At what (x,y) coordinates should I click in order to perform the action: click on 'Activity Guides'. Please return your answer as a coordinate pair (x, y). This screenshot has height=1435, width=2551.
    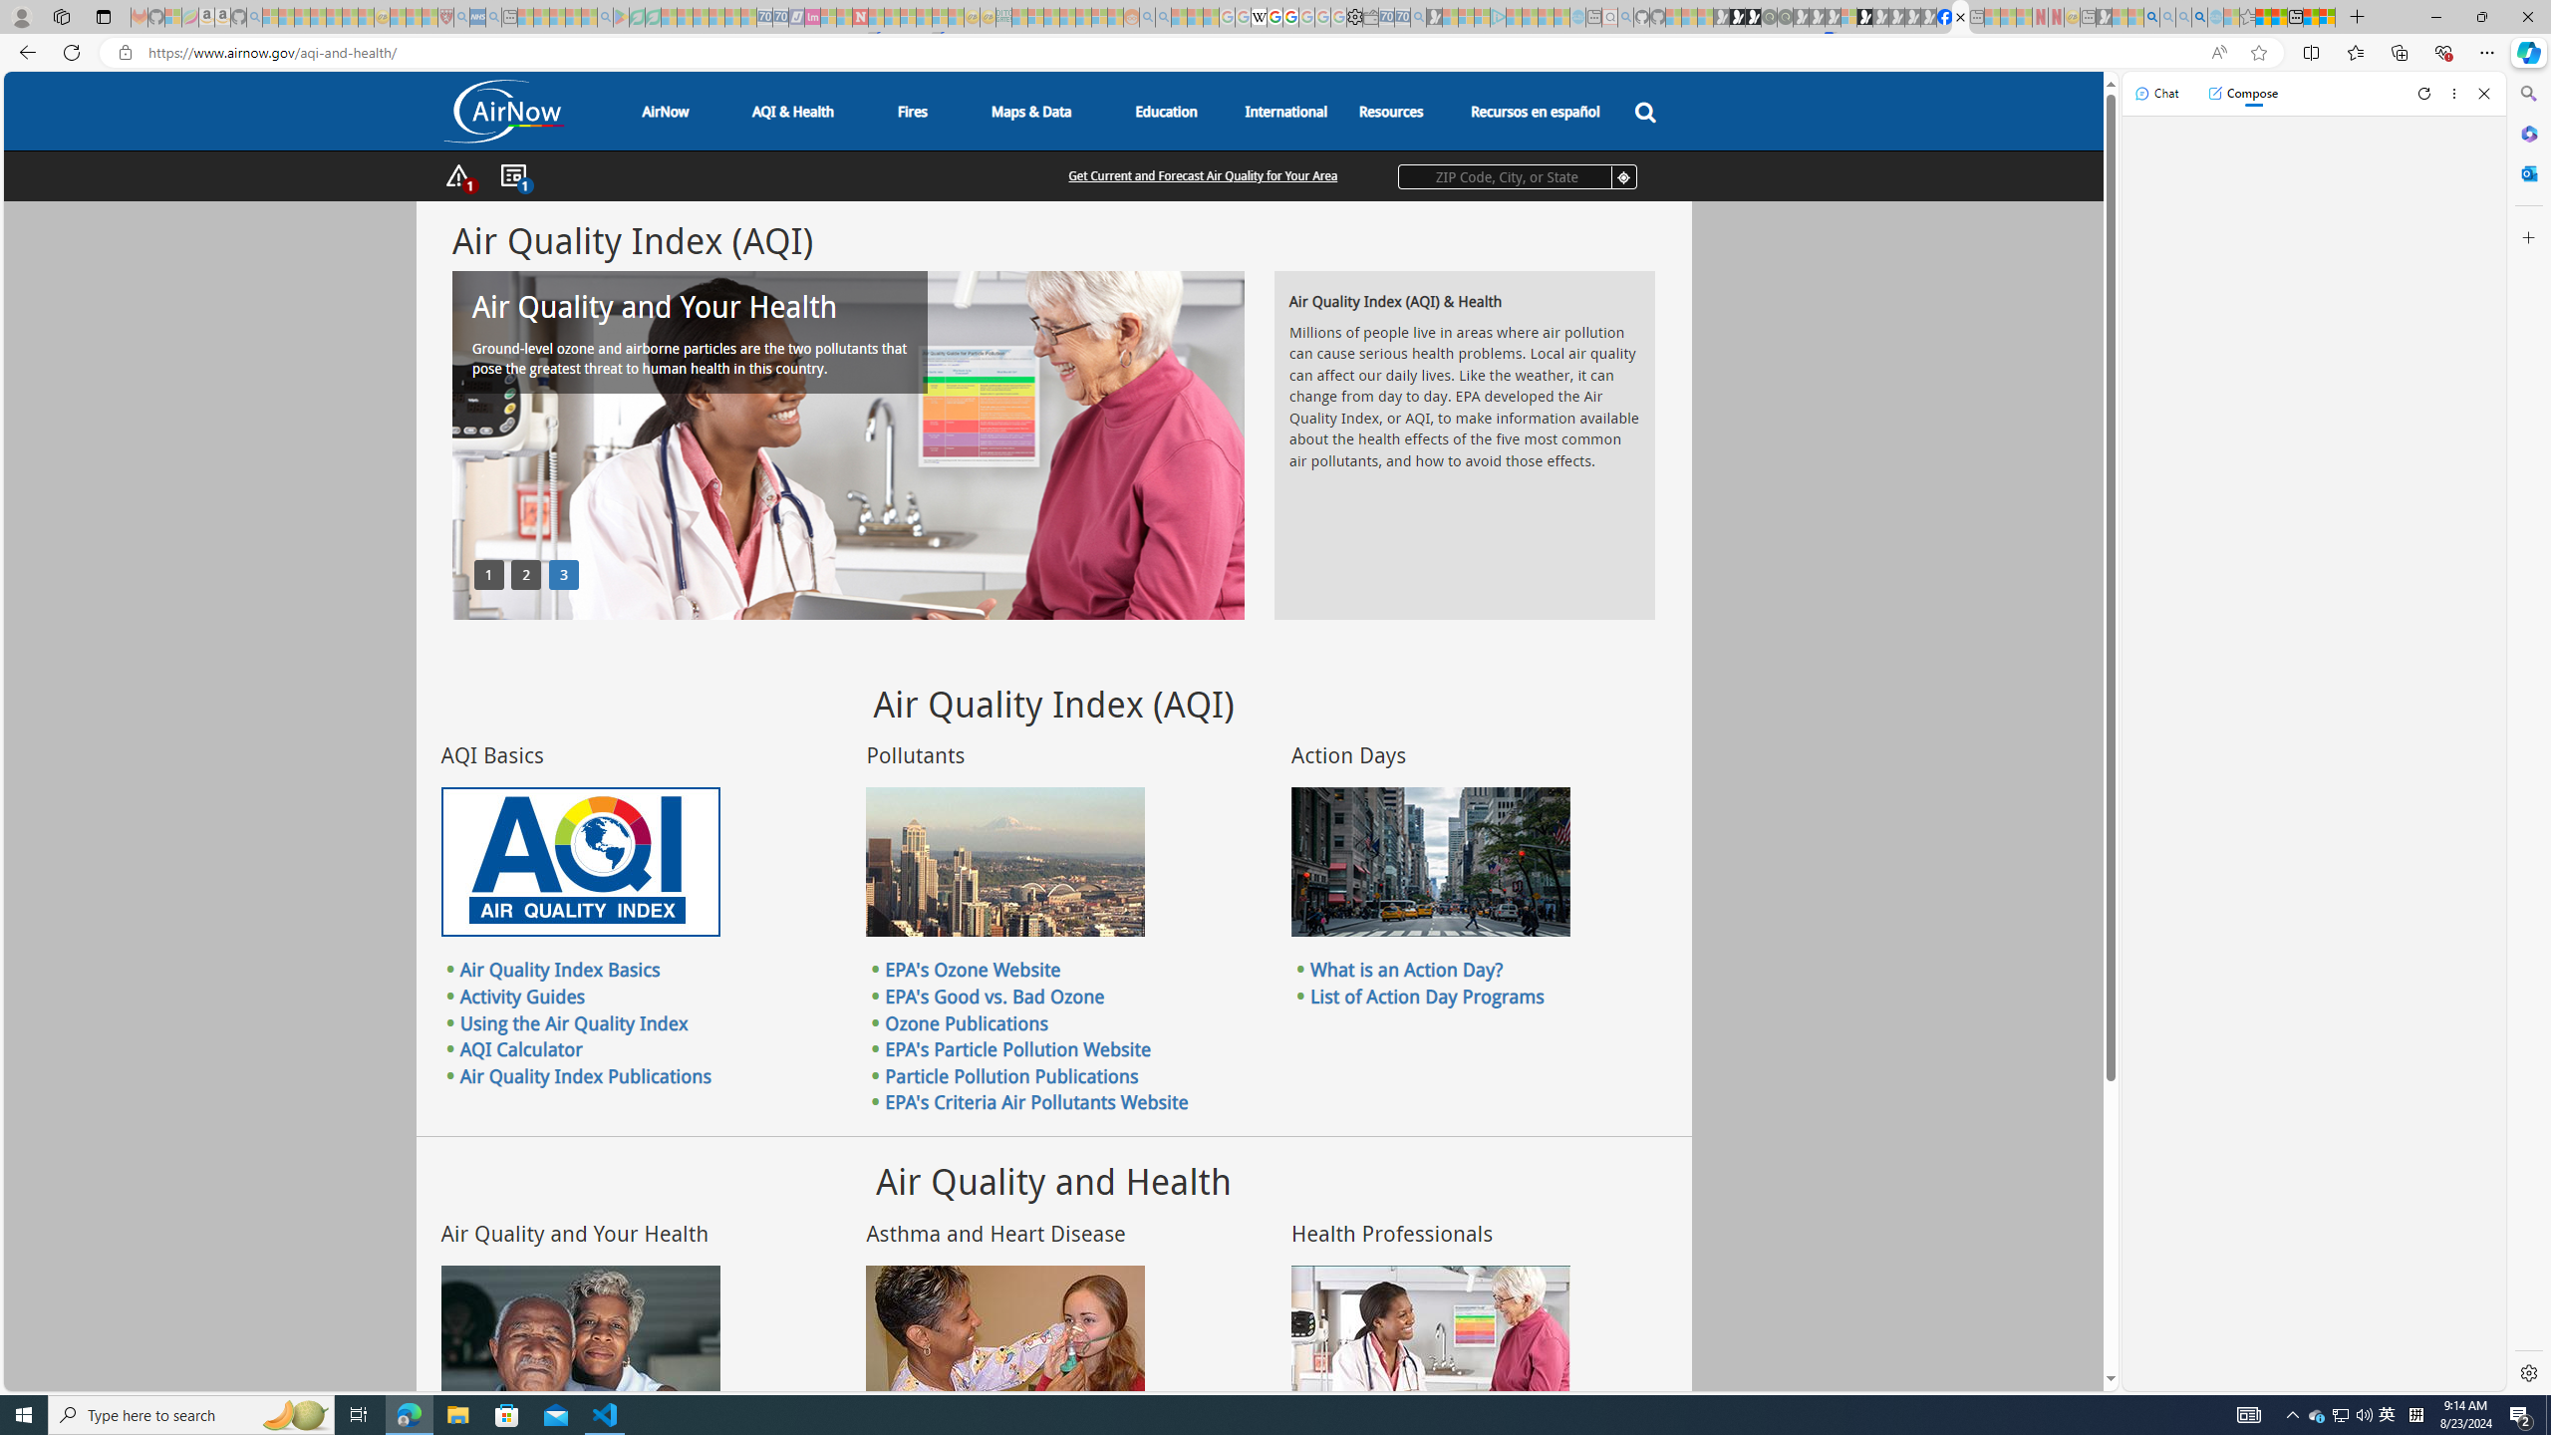
    Looking at the image, I should click on (521, 996).